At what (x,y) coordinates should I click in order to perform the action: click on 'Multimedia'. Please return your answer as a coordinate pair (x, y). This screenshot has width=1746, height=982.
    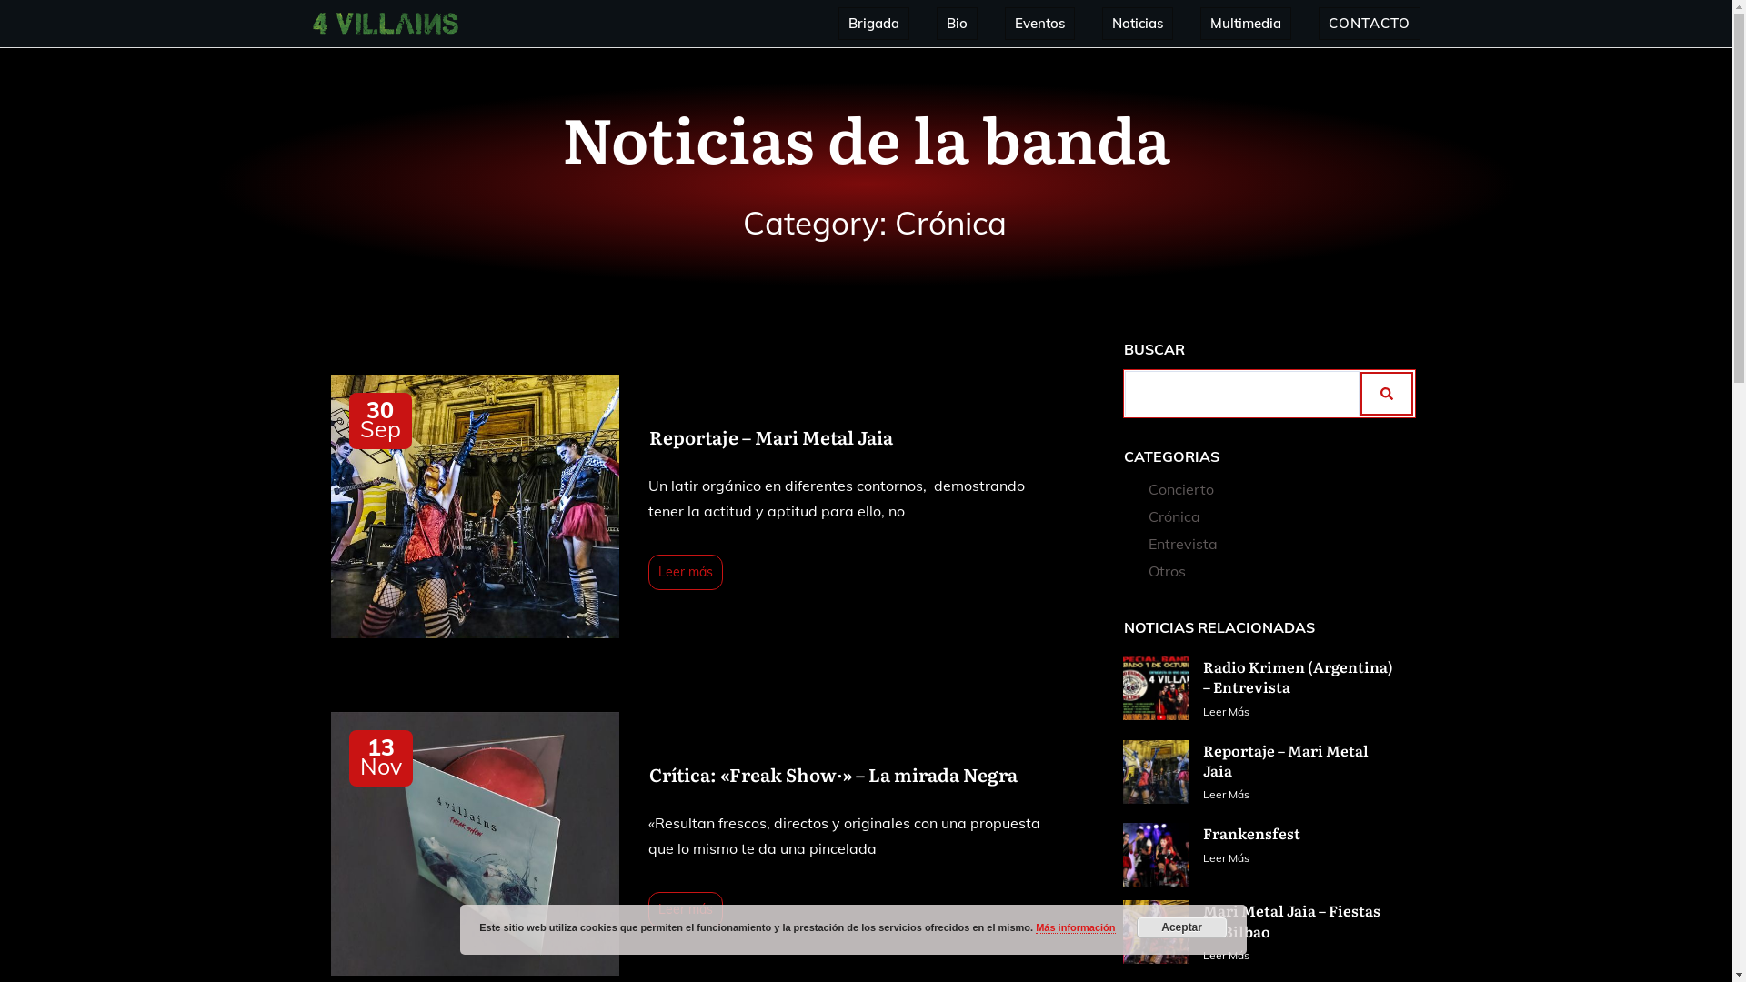
    Looking at the image, I should click on (1243, 24).